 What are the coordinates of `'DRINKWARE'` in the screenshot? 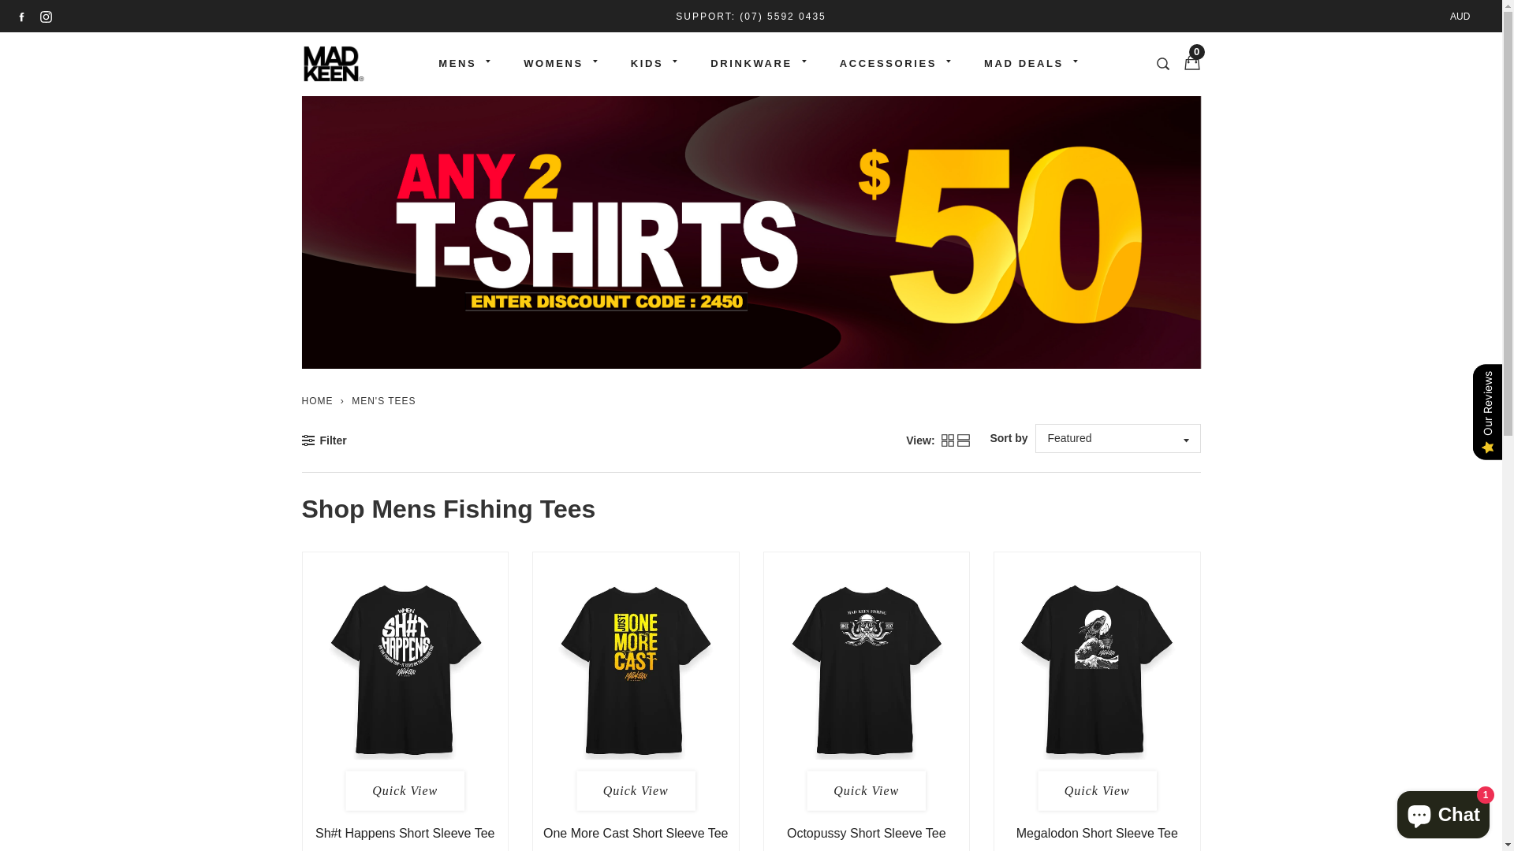 It's located at (686, 63).